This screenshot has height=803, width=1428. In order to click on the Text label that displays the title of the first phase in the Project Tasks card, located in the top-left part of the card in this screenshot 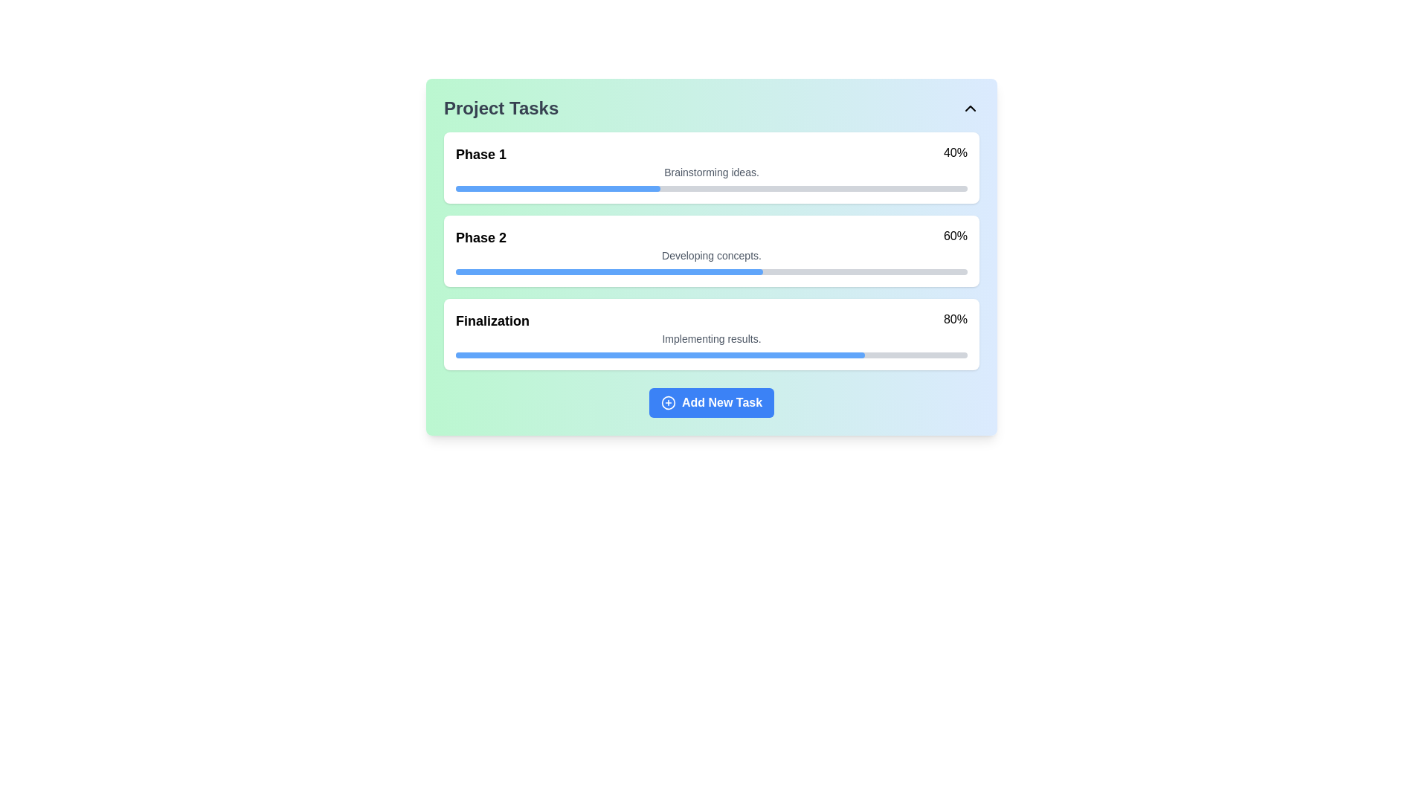, I will do `click(481, 155)`.